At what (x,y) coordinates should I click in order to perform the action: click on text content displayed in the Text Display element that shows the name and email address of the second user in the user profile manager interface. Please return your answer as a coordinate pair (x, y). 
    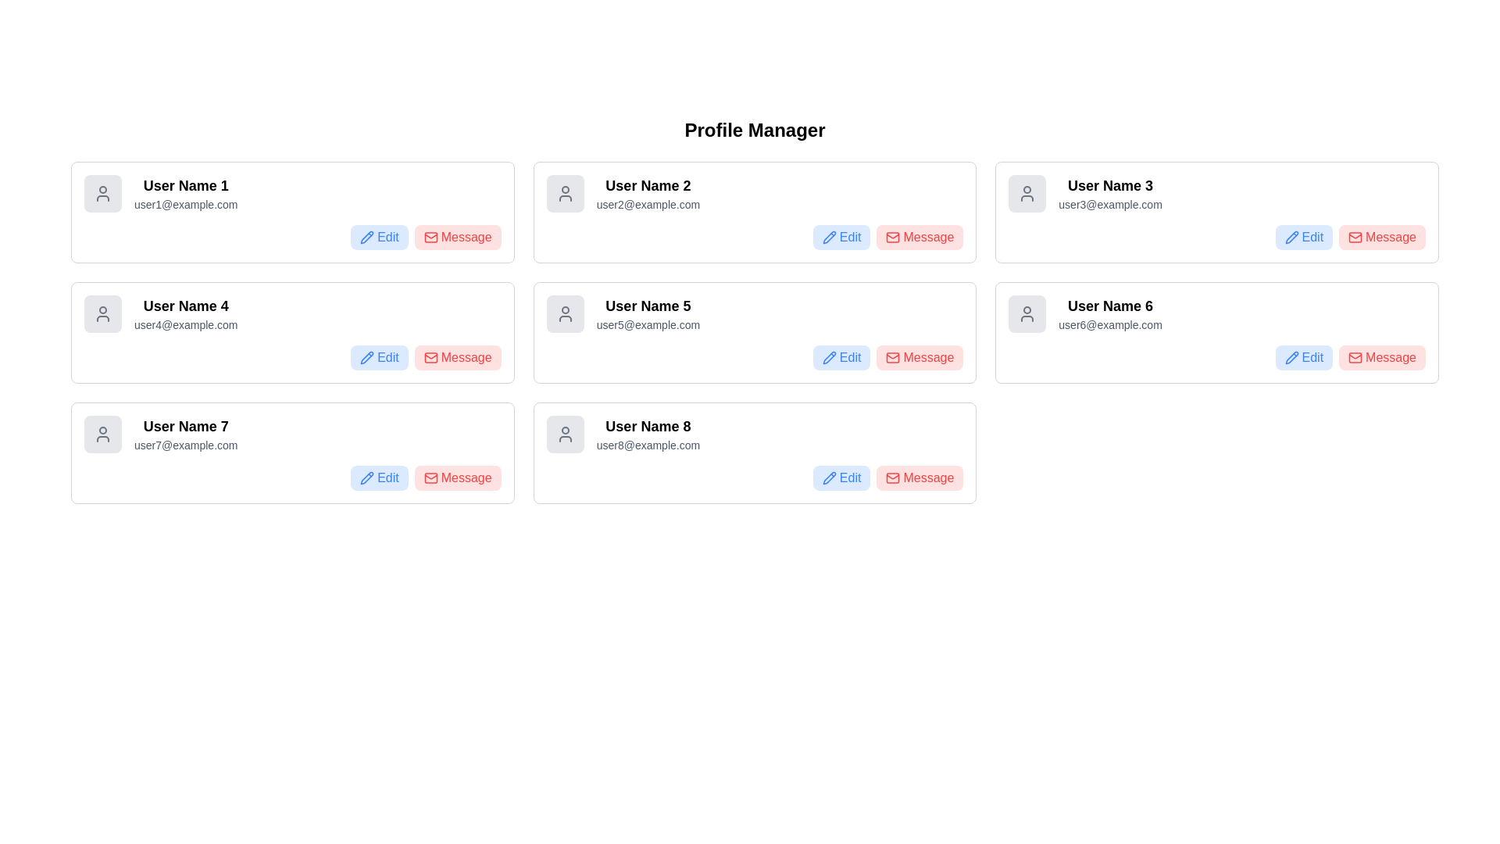
    Looking at the image, I should click on (648, 192).